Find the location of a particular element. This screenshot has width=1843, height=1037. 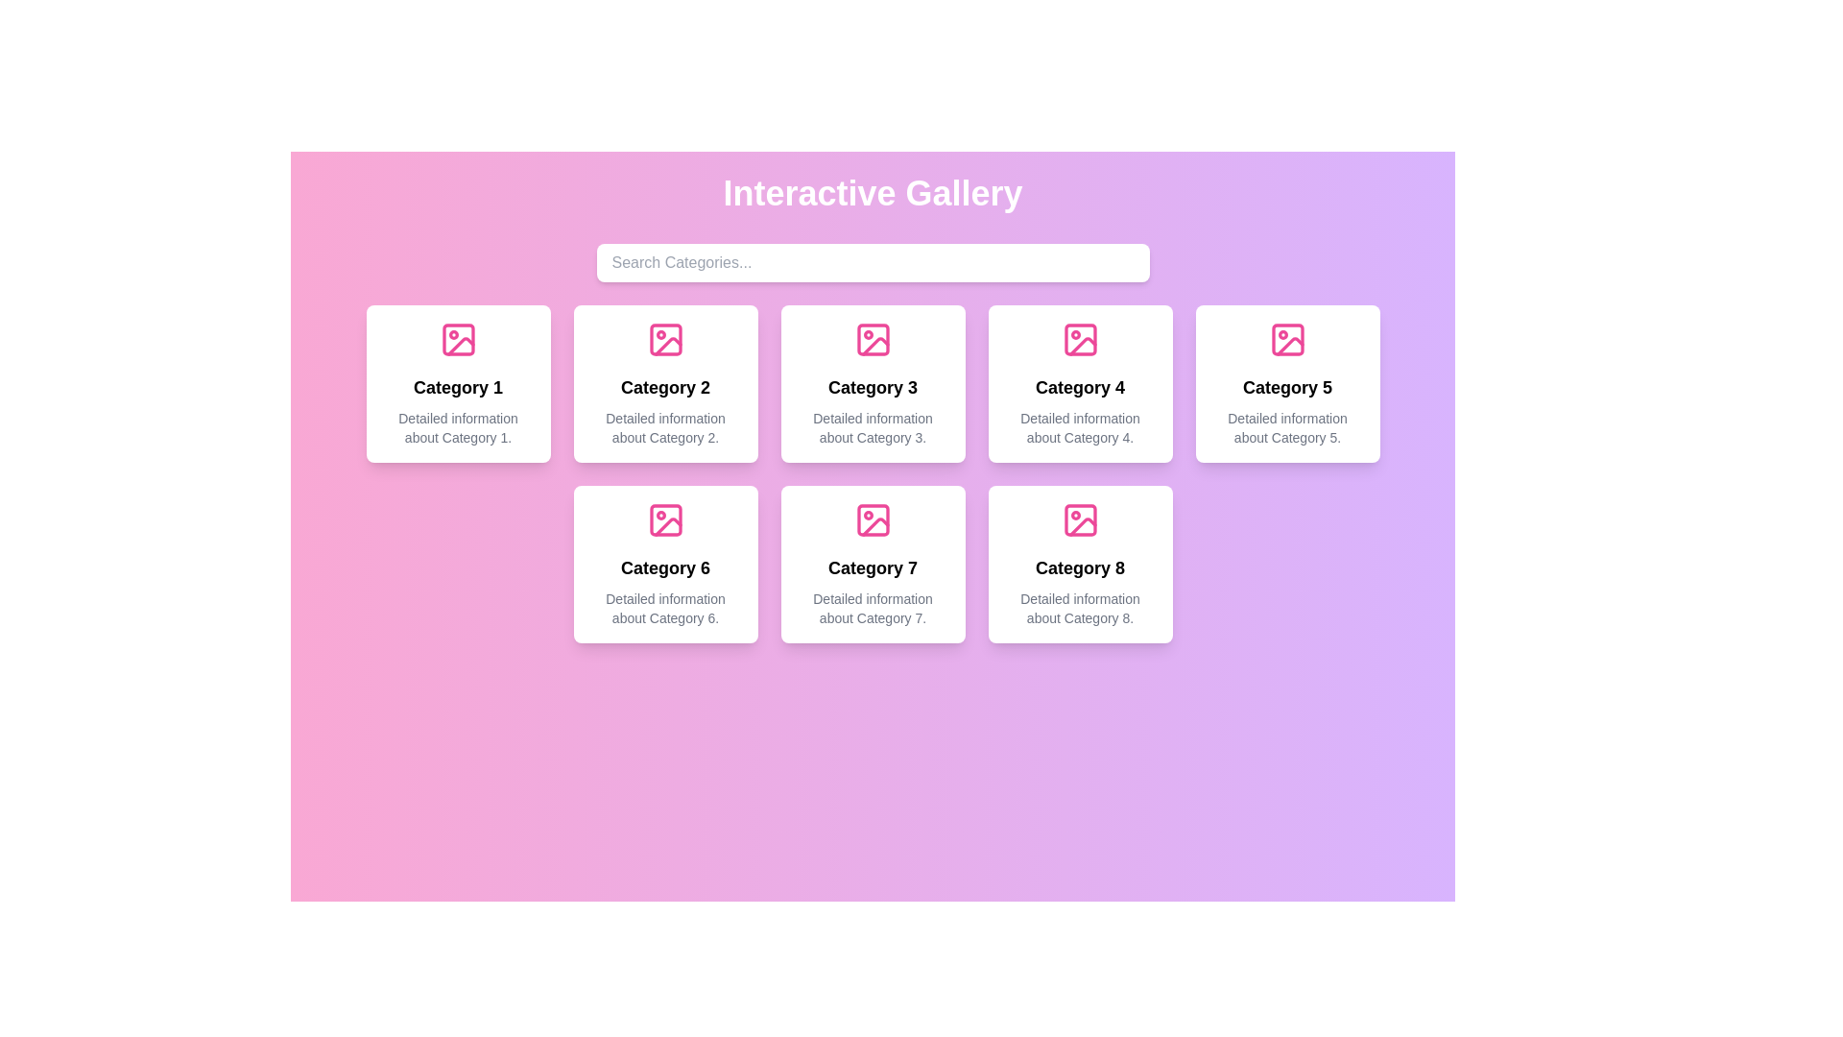

the icon representing 'Category 8', which is located at the top-center of the panel labeled 'Category 8' is located at coordinates (1080, 520).